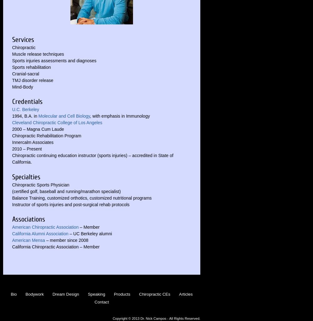  I want to click on 'Bio', so click(11, 294).